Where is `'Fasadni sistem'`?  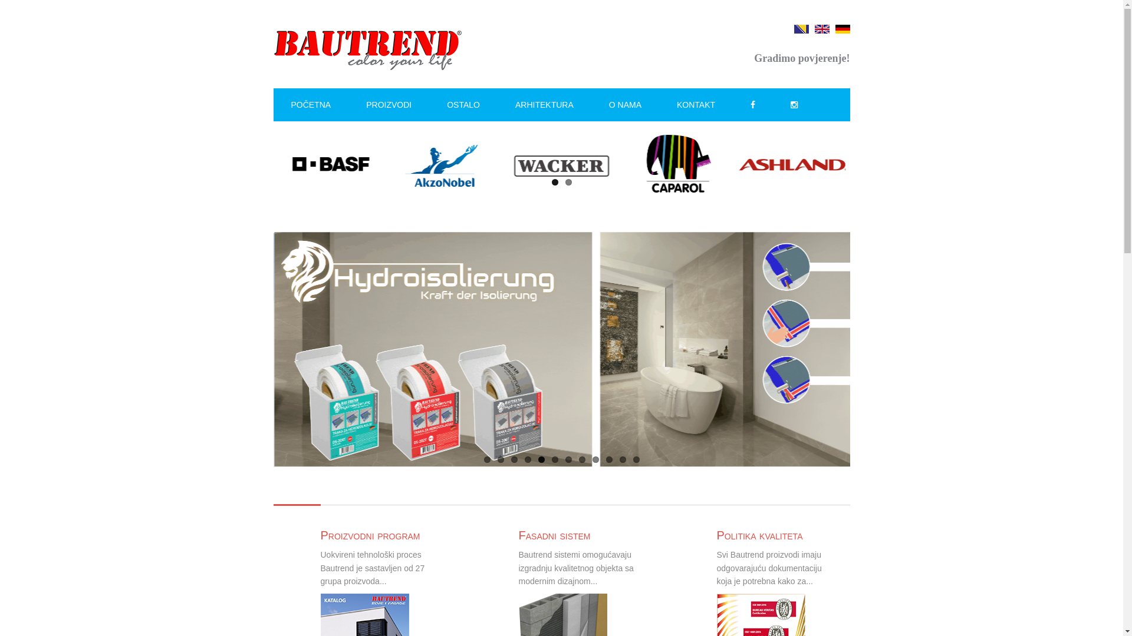
'Fasadni sistem' is located at coordinates (554, 535).